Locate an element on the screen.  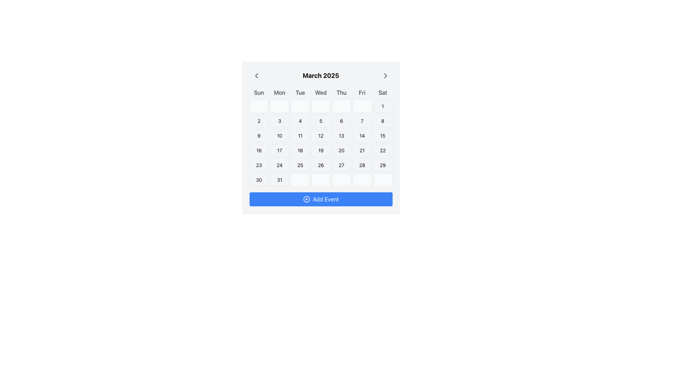
the fourth cell in the seventh row of the calendar grid for March 2025, which serves as a placeholder and is located to the right of the cell labeled 24 is located at coordinates (300, 180).